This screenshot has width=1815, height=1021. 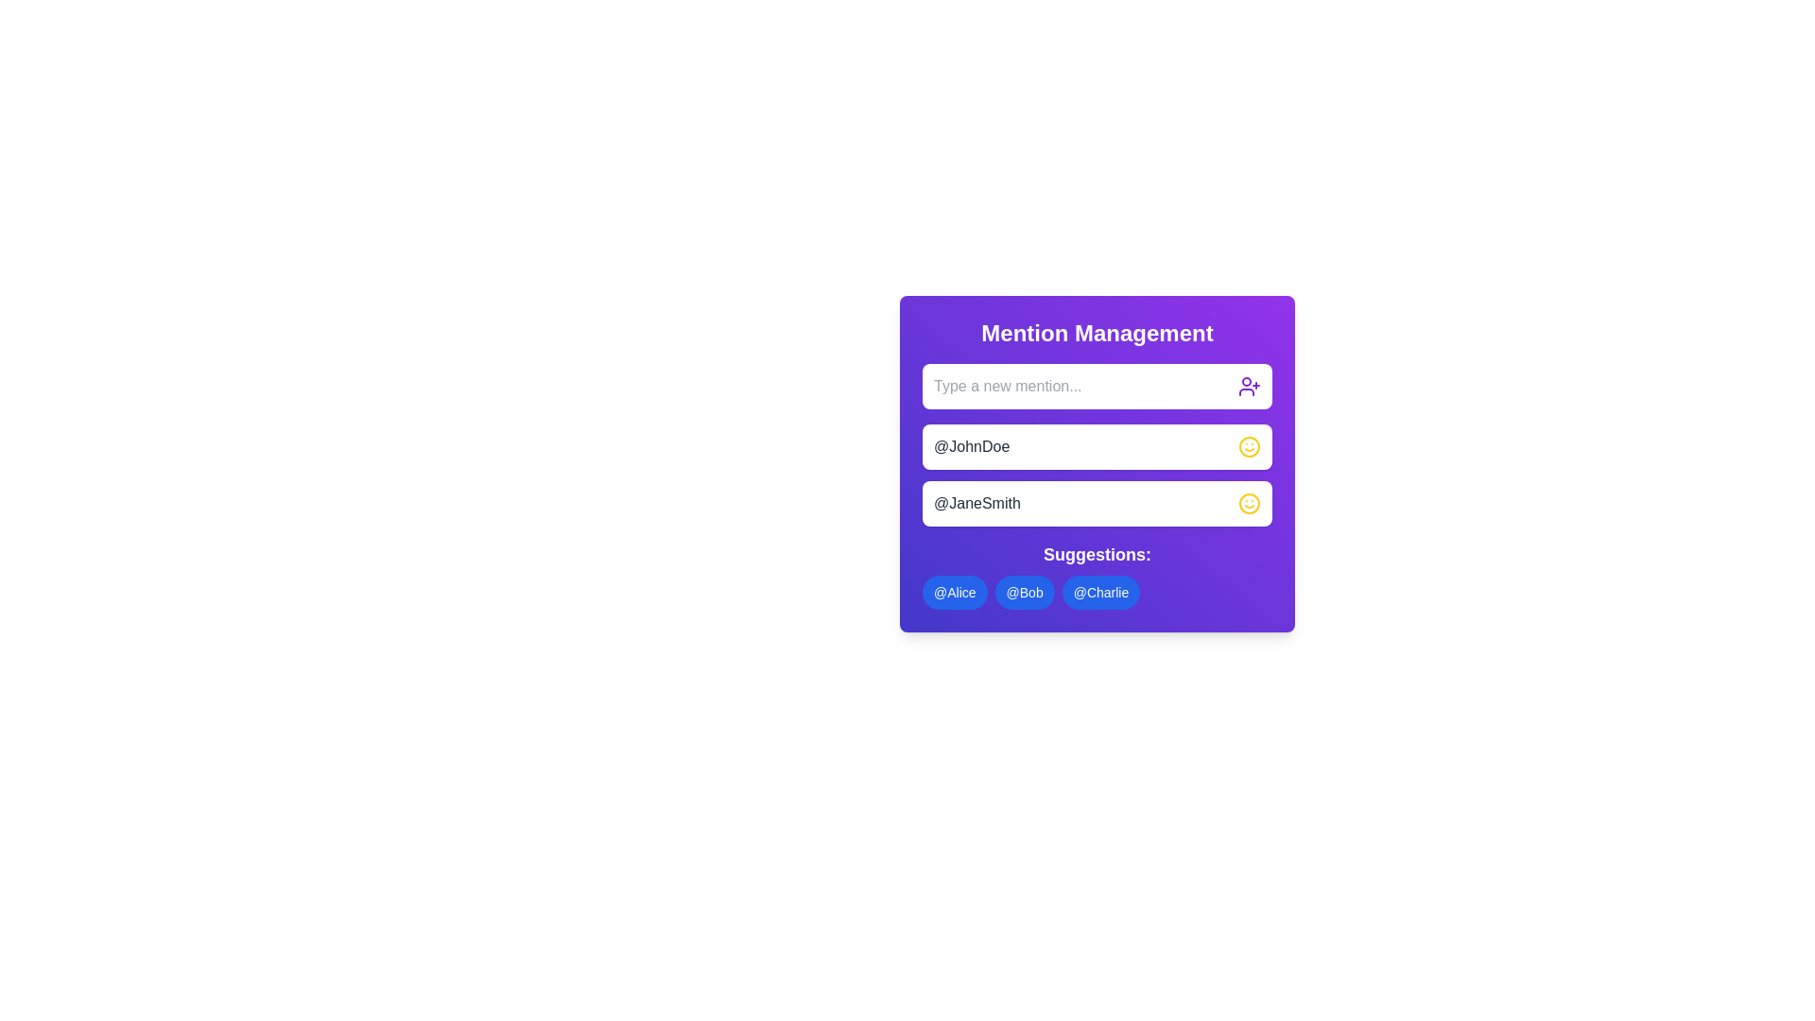 I want to click on the blue circular badge containing the text '@Charlie', so click(x=1098, y=592).